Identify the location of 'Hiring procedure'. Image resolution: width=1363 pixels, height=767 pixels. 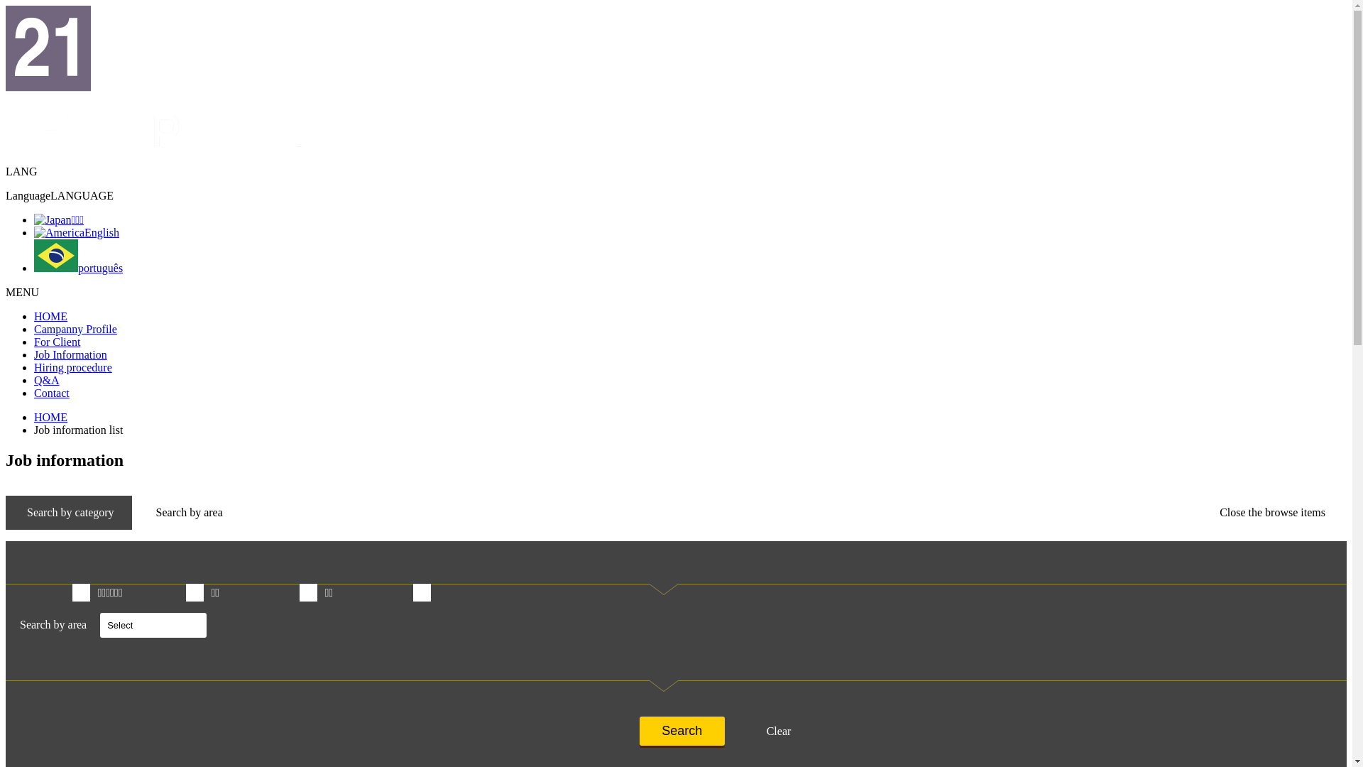
(72, 366).